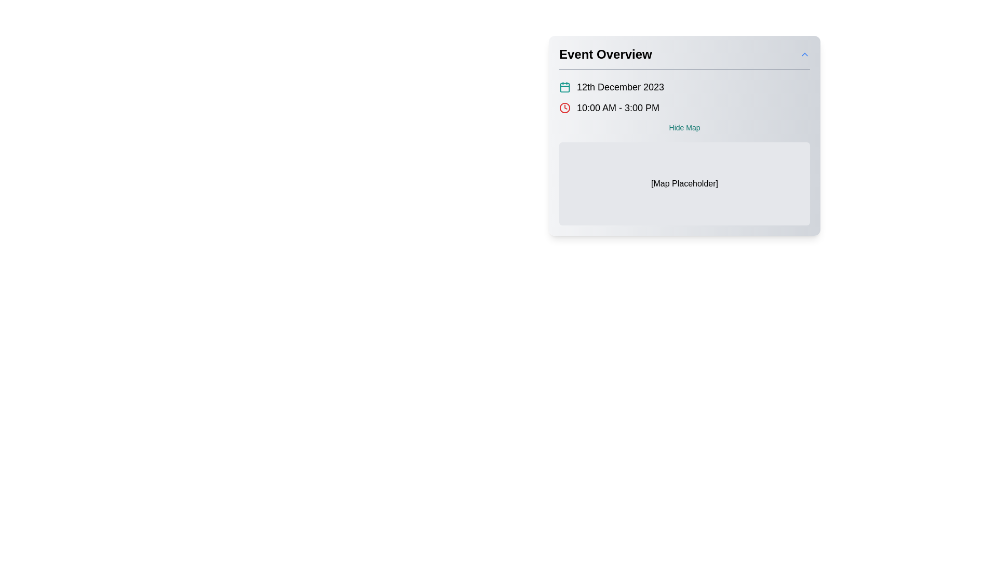 The width and height of the screenshot is (997, 561). Describe the element at coordinates (804, 54) in the screenshot. I see `the button located at the far right of the header in the 'Event Overview' card` at that location.